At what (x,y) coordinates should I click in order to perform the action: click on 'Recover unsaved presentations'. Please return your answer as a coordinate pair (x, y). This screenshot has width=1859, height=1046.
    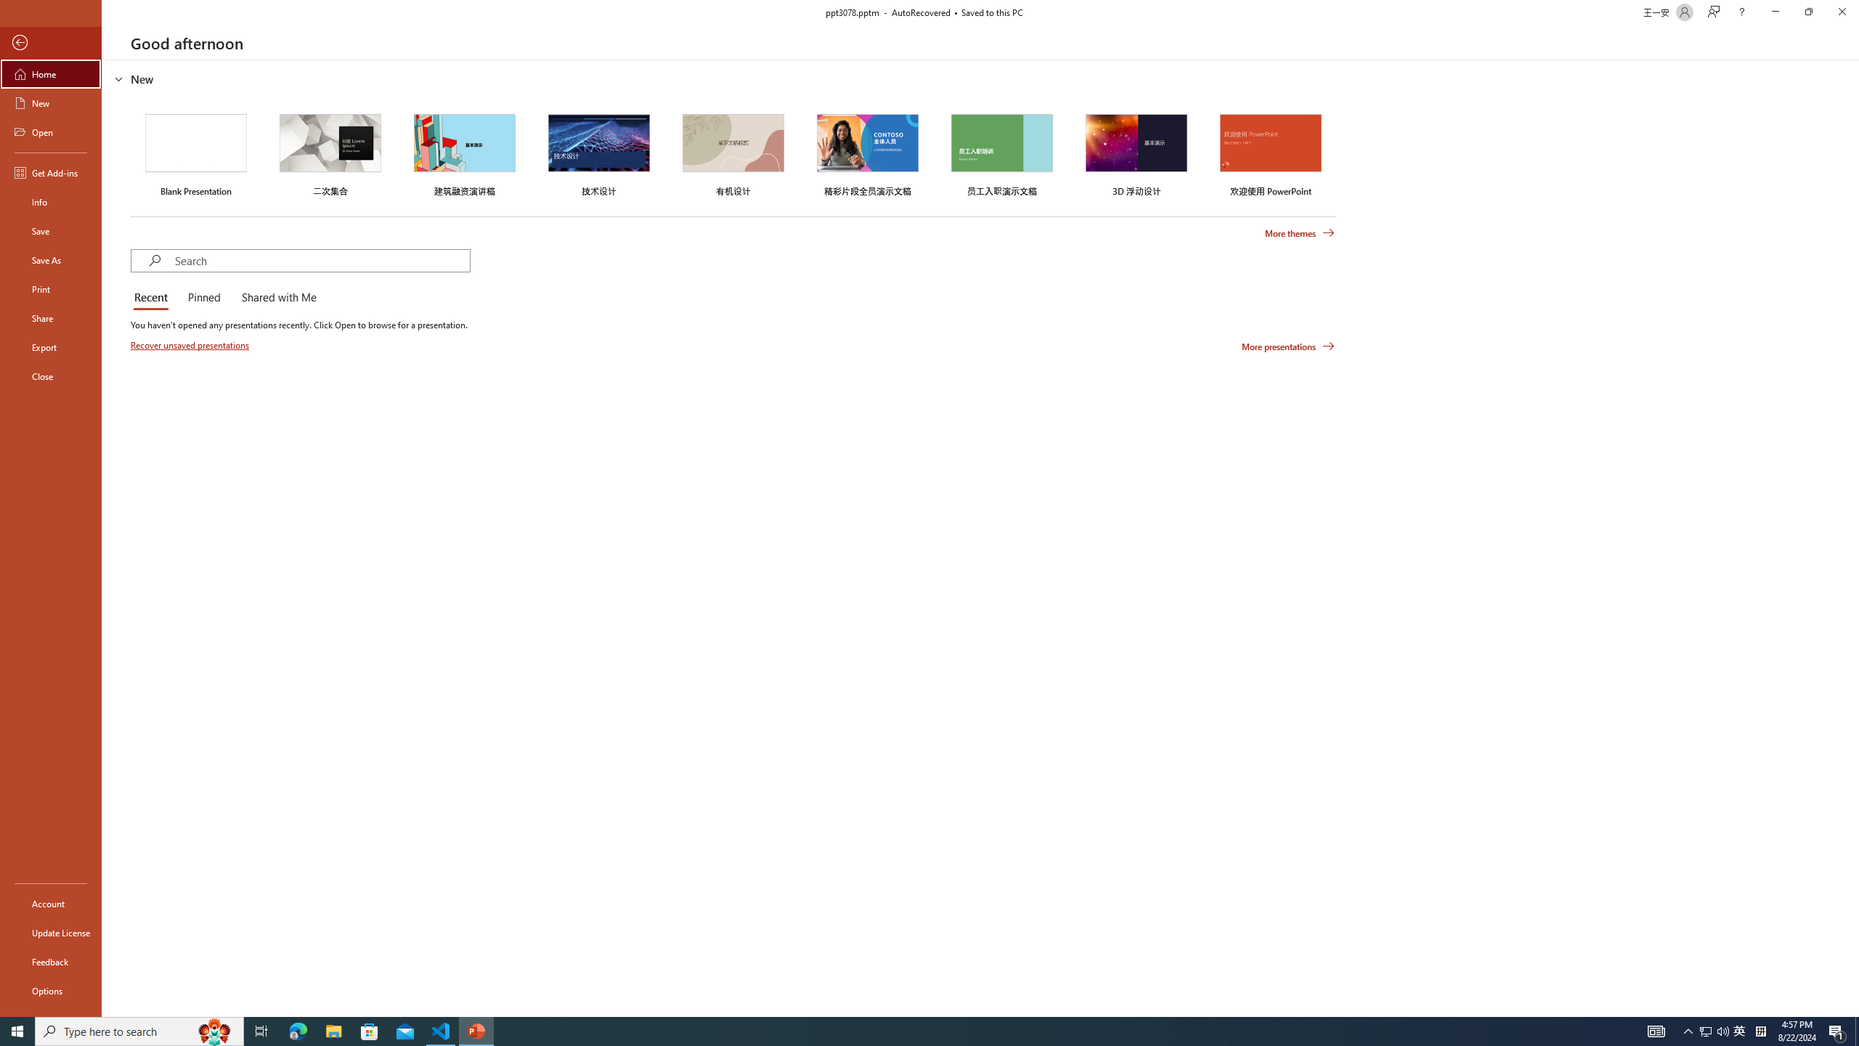
    Looking at the image, I should click on (190, 344).